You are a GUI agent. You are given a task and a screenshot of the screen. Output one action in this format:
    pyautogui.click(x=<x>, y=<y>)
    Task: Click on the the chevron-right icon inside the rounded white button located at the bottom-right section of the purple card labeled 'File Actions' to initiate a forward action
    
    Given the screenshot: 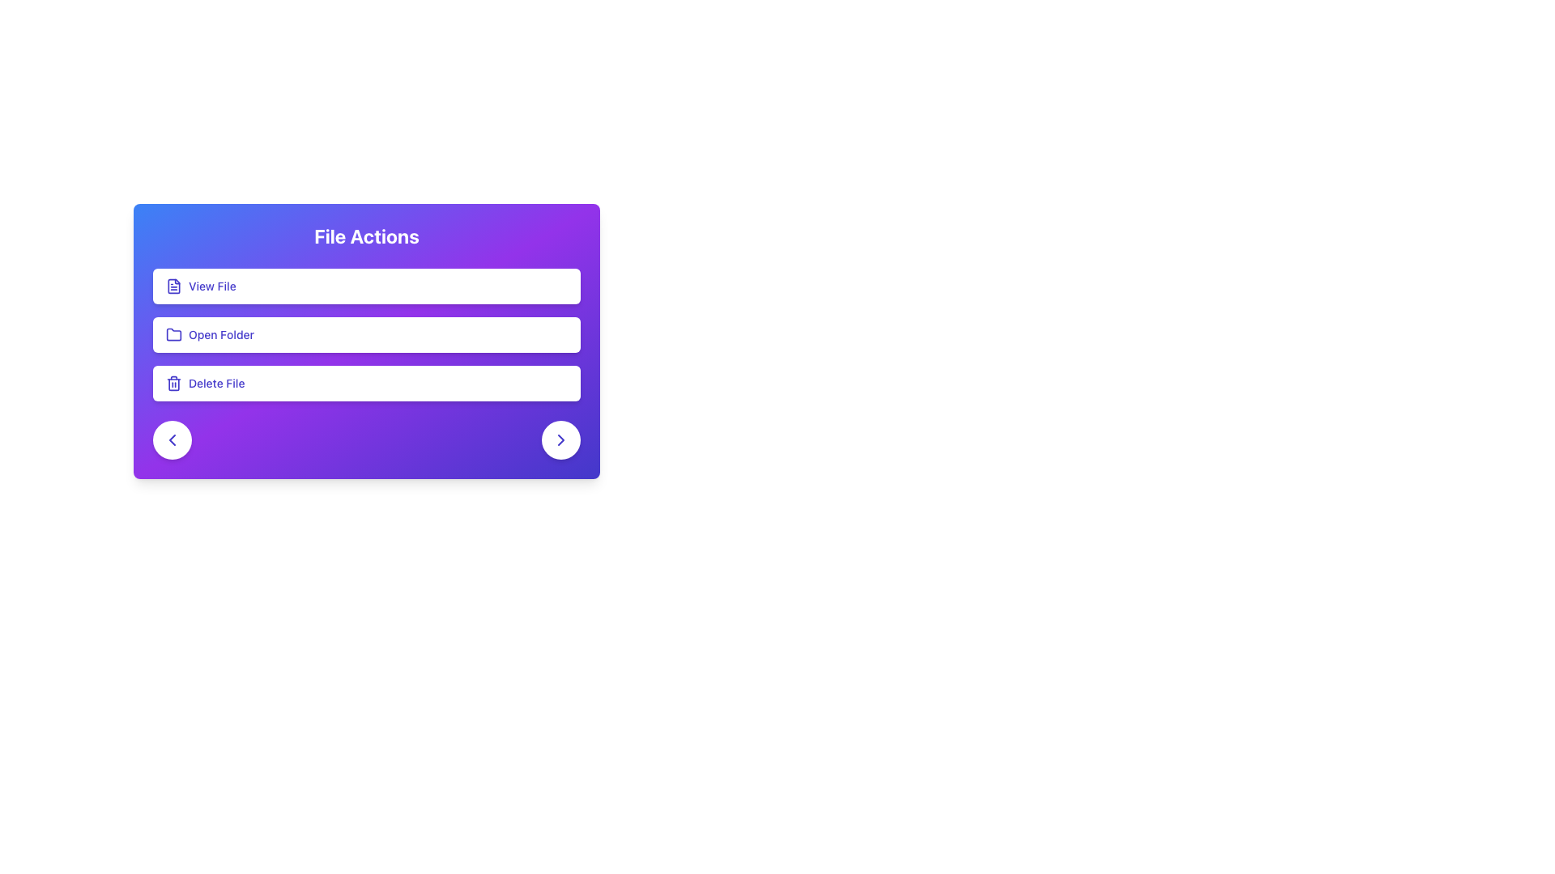 What is the action you would take?
    pyautogui.click(x=560, y=439)
    